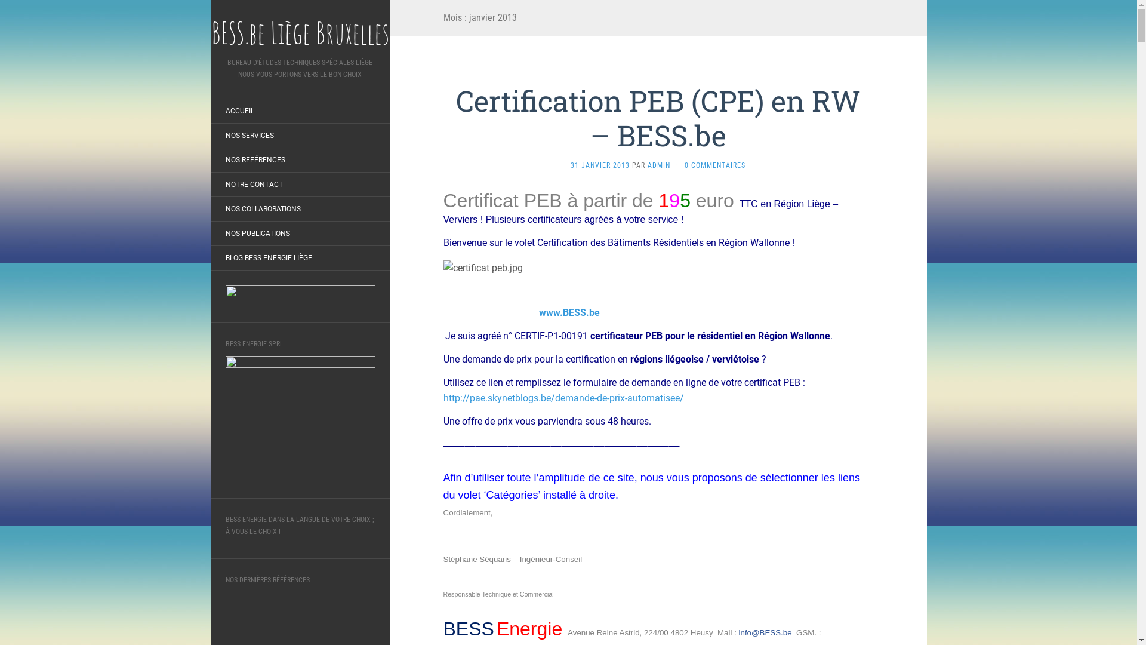 This screenshot has height=645, width=1146. Describe the element at coordinates (646, 165) in the screenshot. I see `'ADMIN'` at that location.